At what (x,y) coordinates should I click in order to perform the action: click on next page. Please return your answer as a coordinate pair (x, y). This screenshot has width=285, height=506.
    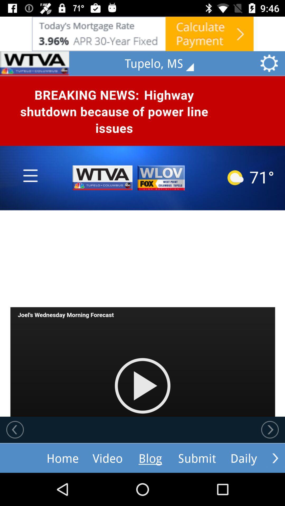
    Looking at the image, I should click on (270, 430).